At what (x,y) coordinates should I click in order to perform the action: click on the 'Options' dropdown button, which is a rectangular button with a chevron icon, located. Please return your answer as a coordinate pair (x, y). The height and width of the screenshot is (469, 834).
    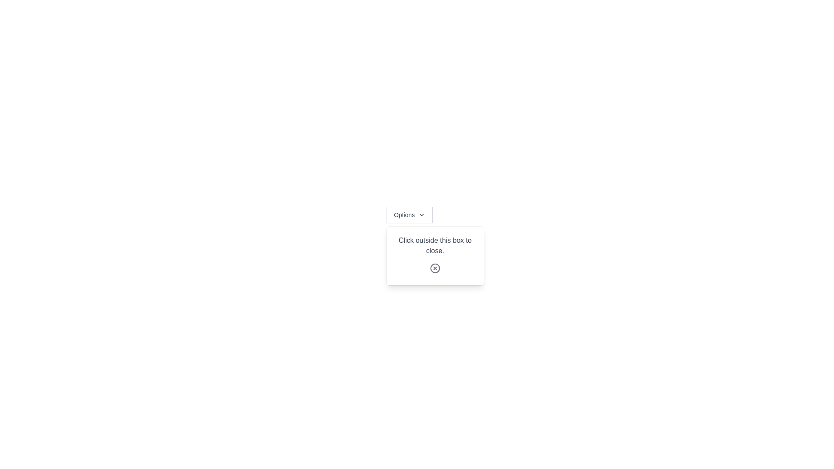
    Looking at the image, I should click on (409, 215).